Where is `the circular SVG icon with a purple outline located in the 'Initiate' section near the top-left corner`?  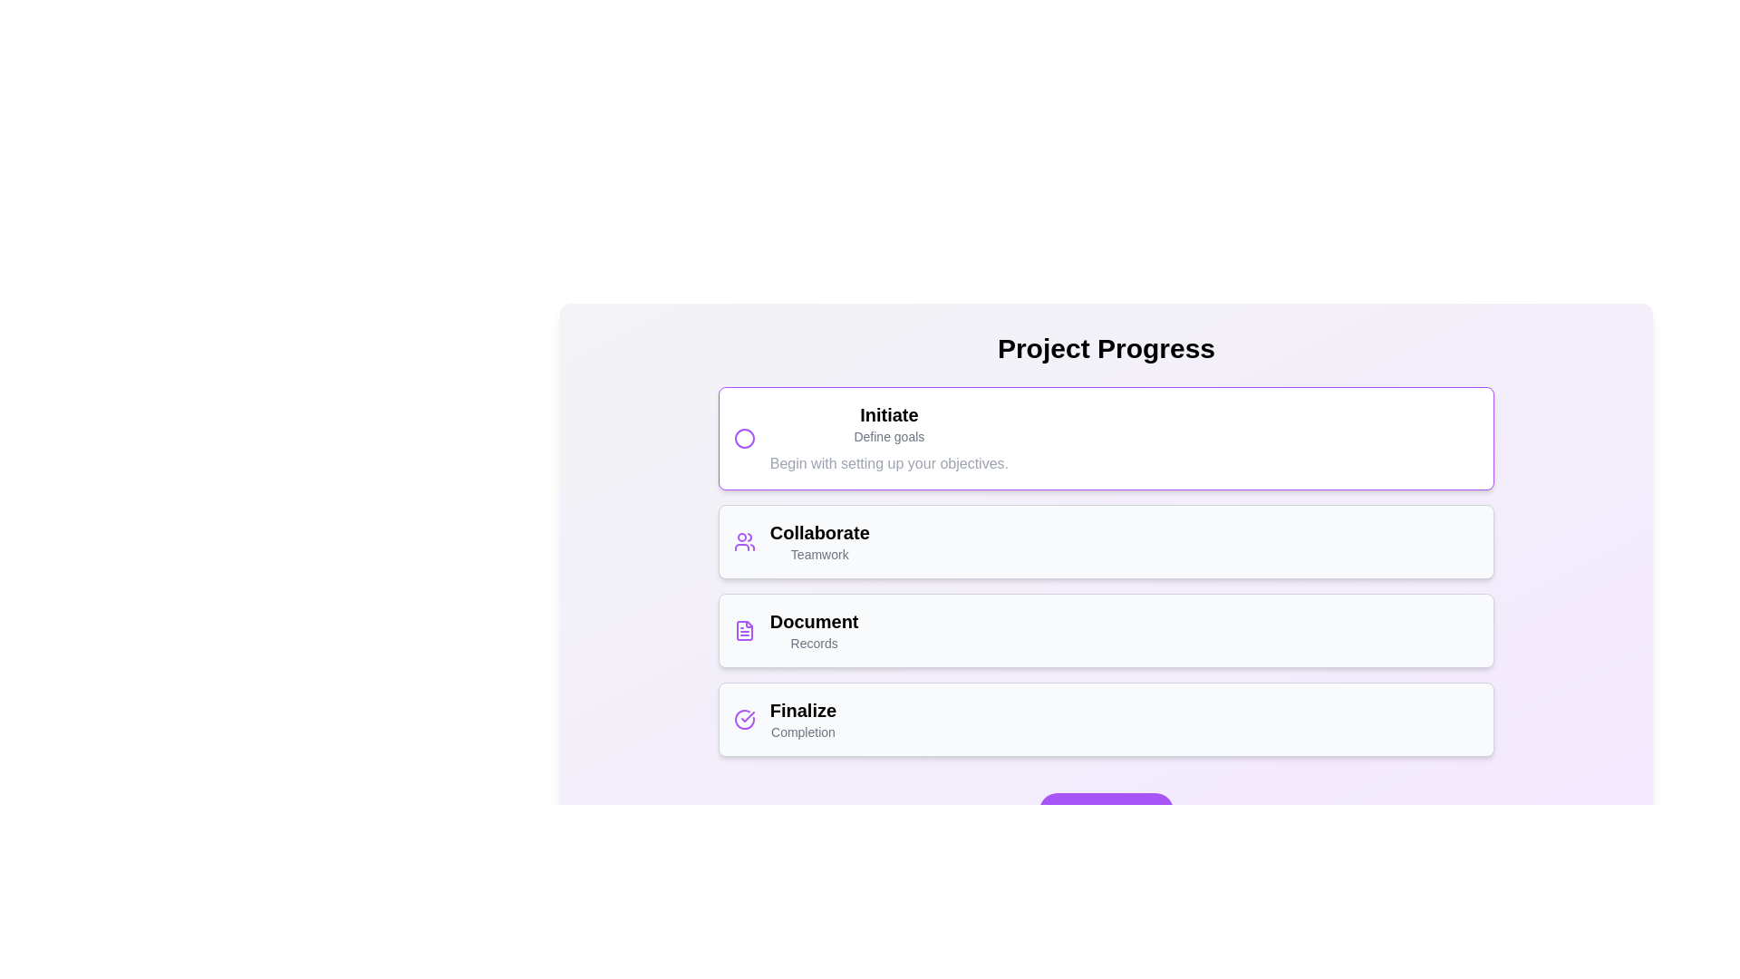 the circular SVG icon with a purple outline located in the 'Initiate' section near the top-left corner is located at coordinates (744, 438).